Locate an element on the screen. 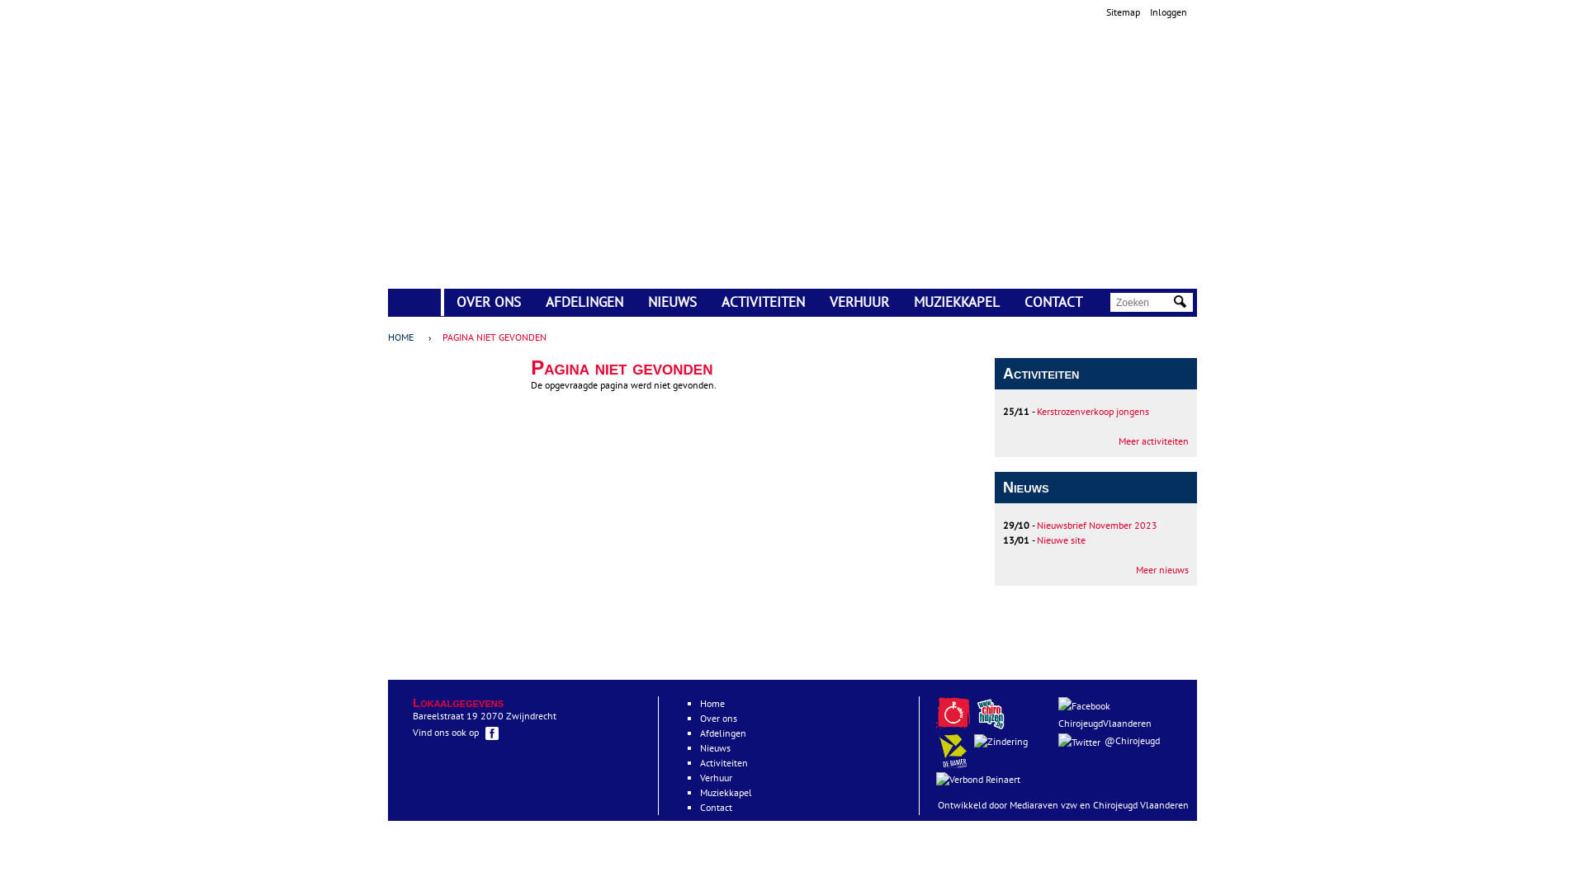 The width and height of the screenshot is (1585, 891). 'Kerstrozenverkoop jongens' is located at coordinates (1093, 410).